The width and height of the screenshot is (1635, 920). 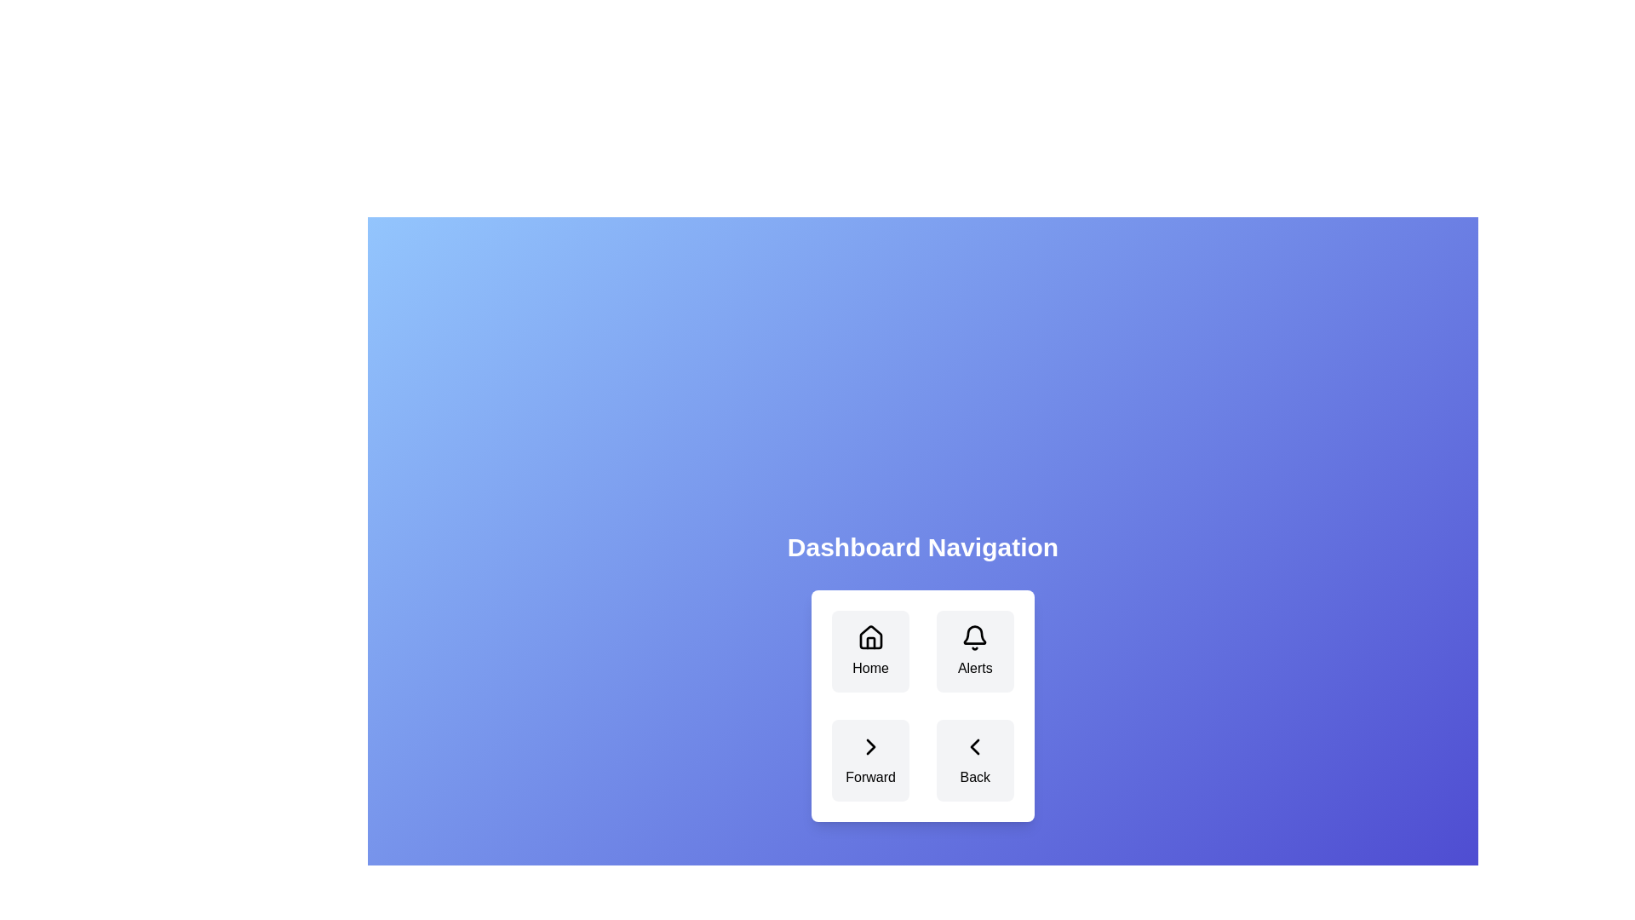 What do you see at coordinates (870, 637) in the screenshot?
I see `the 'Home' icon` at bounding box center [870, 637].